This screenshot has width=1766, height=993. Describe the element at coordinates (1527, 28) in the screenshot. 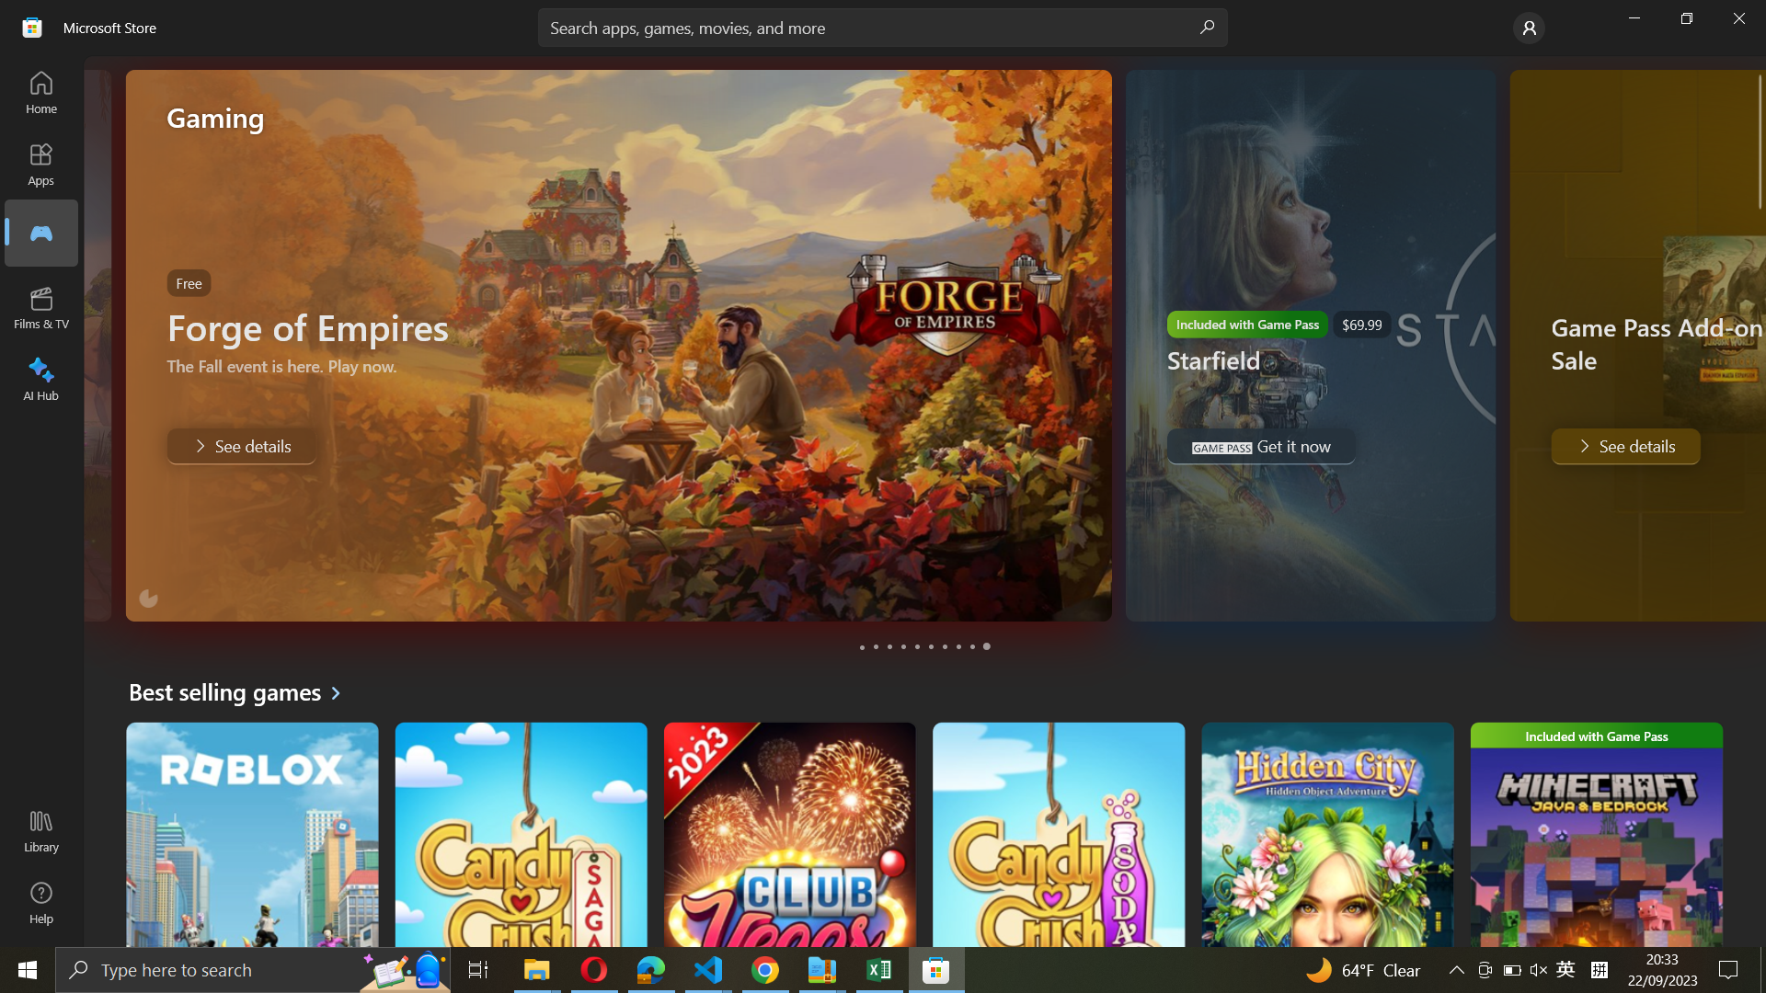

I see `Account settings` at that location.